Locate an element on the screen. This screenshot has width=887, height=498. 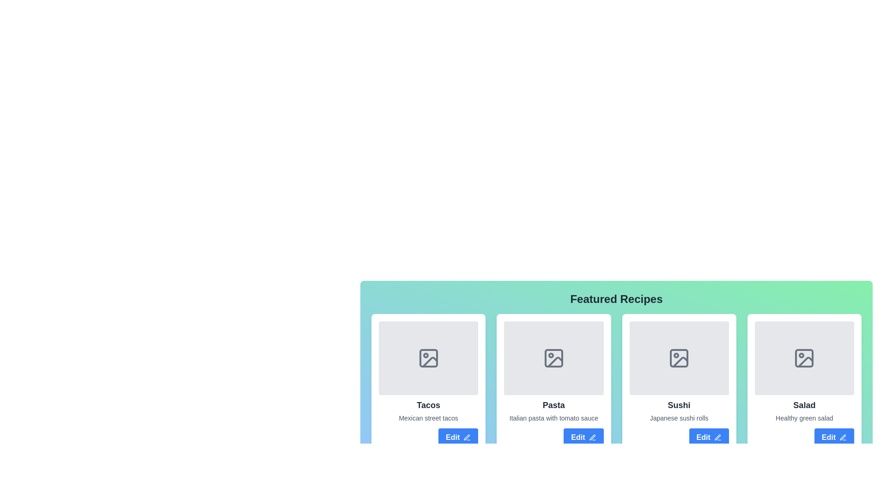
the button located at the bottom-right corner of the 'Sushi' card is located at coordinates (679, 437).